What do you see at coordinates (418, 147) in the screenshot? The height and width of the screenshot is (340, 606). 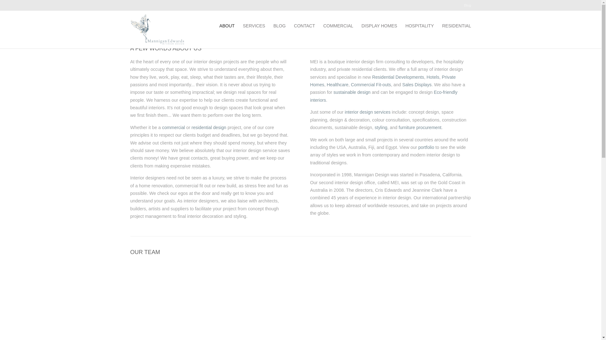 I see `'portfolio'` at bounding box center [418, 147].